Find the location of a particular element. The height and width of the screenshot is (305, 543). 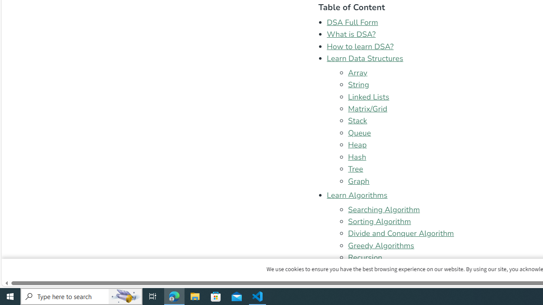

'Heap' is located at coordinates (357, 144).